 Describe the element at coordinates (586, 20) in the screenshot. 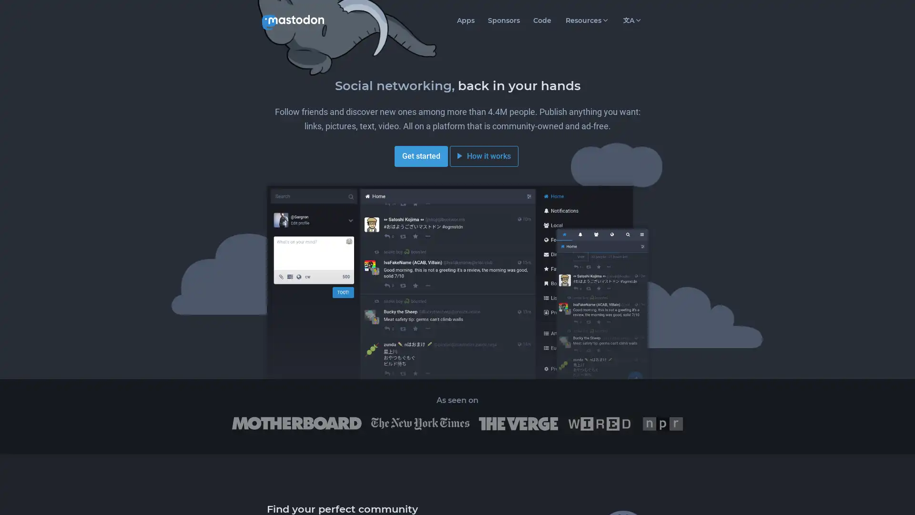

I see `Resources` at that location.